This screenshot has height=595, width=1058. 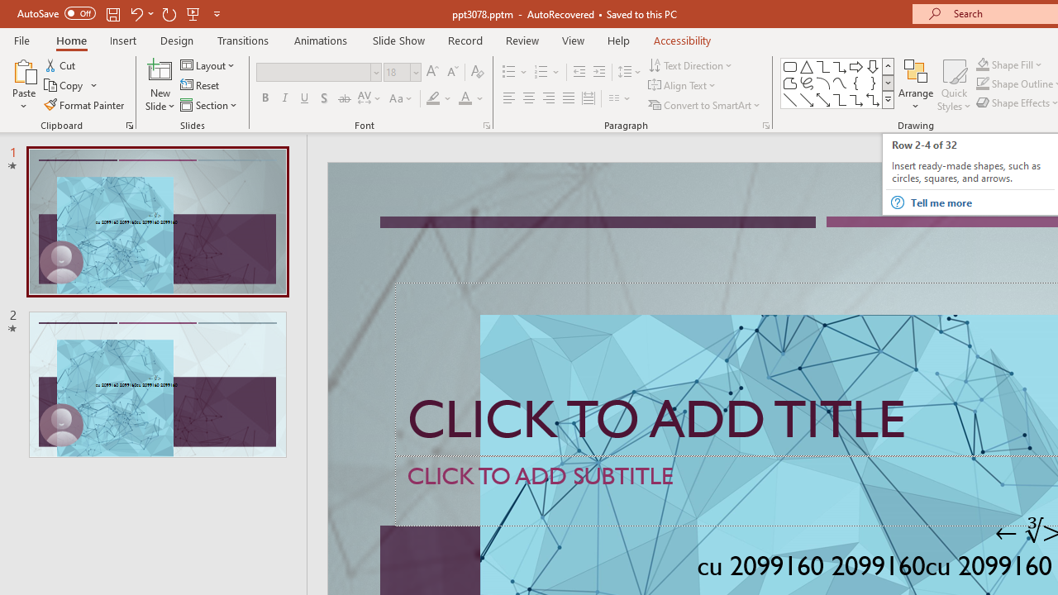 I want to click on 'Columns', so click(x=619, y=98).